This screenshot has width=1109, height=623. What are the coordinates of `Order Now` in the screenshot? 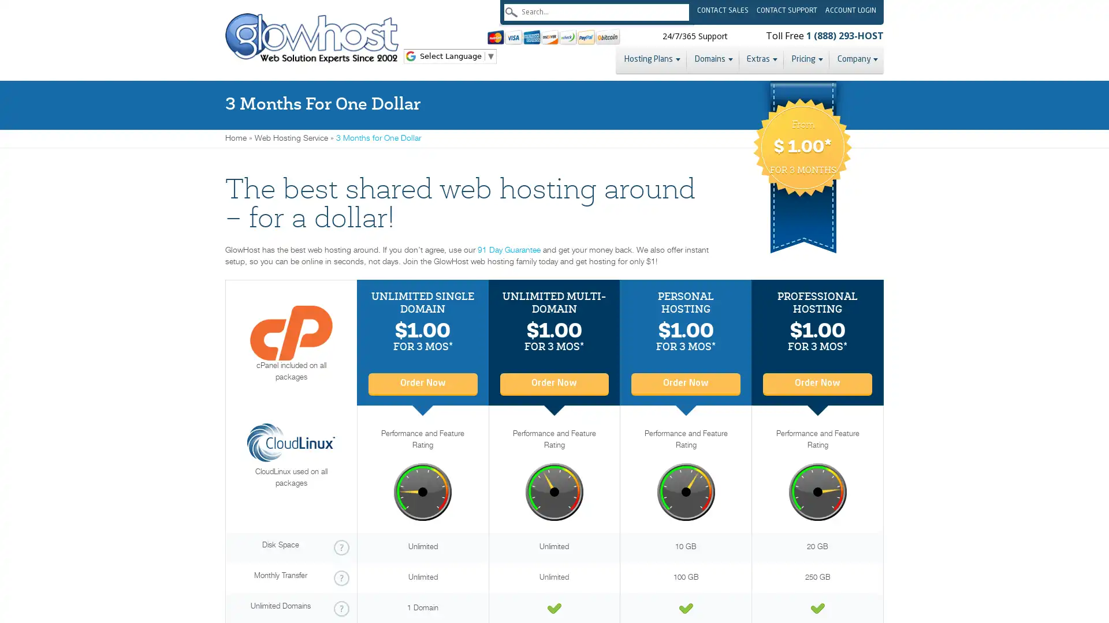 It's located at (553, 382).